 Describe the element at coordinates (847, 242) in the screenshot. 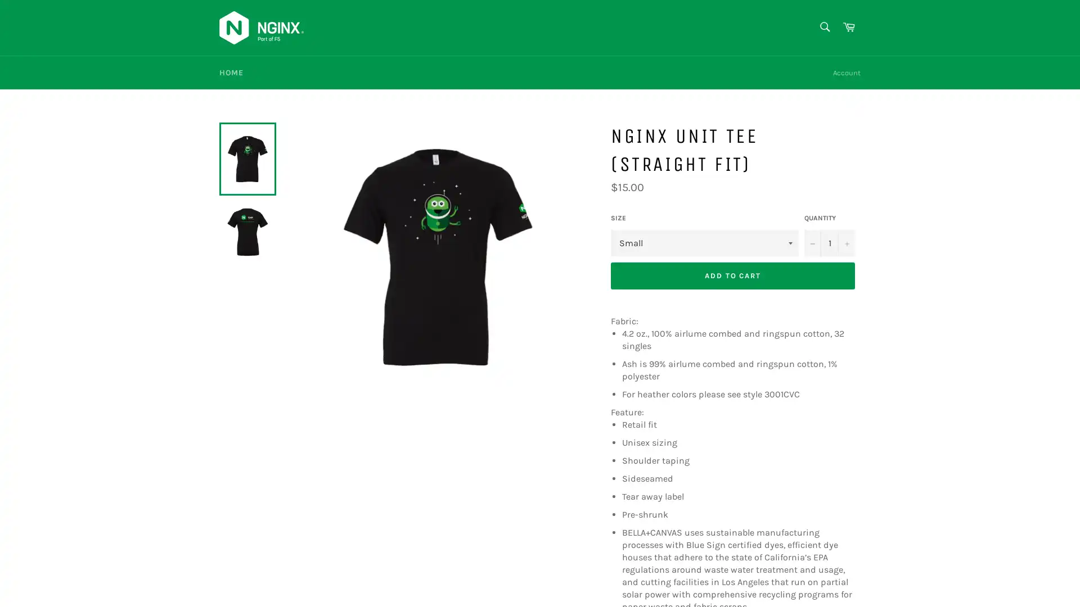

I see `Increase item quantity by one` at that location.